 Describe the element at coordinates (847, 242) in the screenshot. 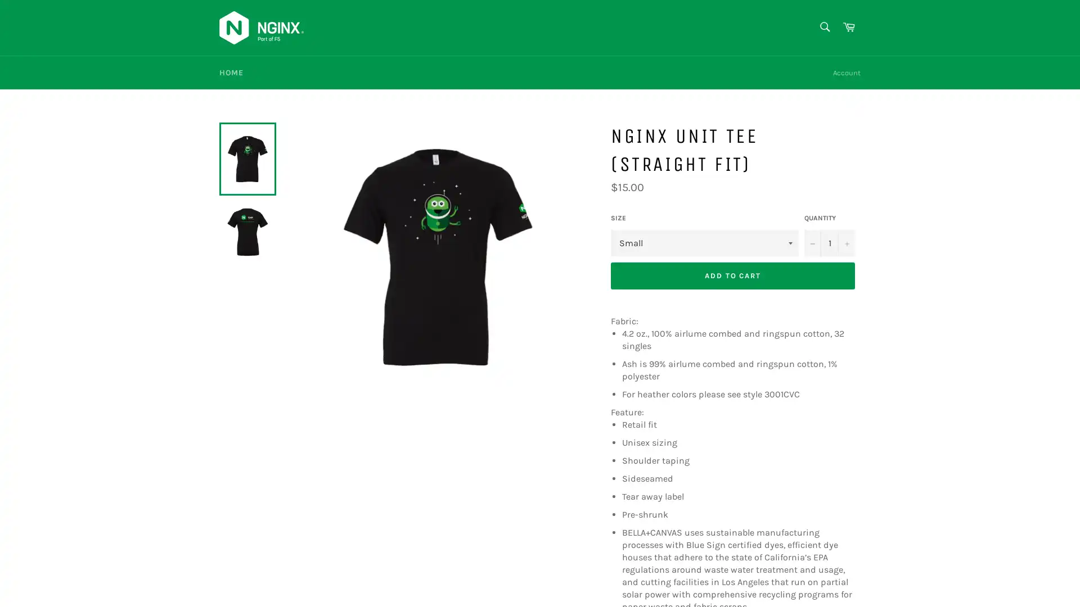

I see `Increase item quantity by one` at that location.